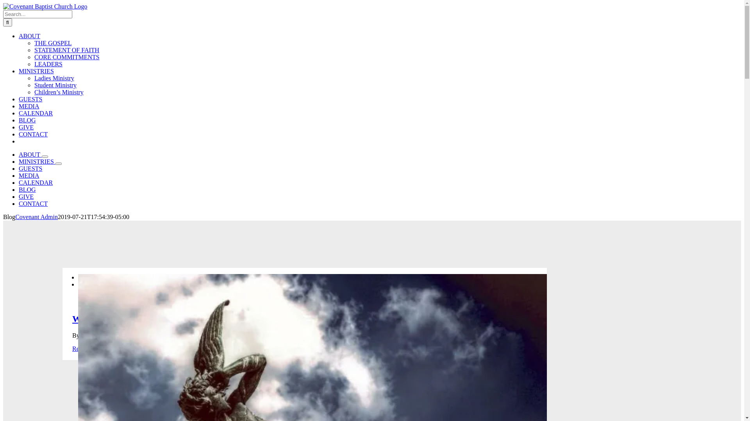 This screenshot has height=421, width=750. Describe the element at coordinates (19, 161) in the screenshot. I see `'MINISTRIES'` at that location.